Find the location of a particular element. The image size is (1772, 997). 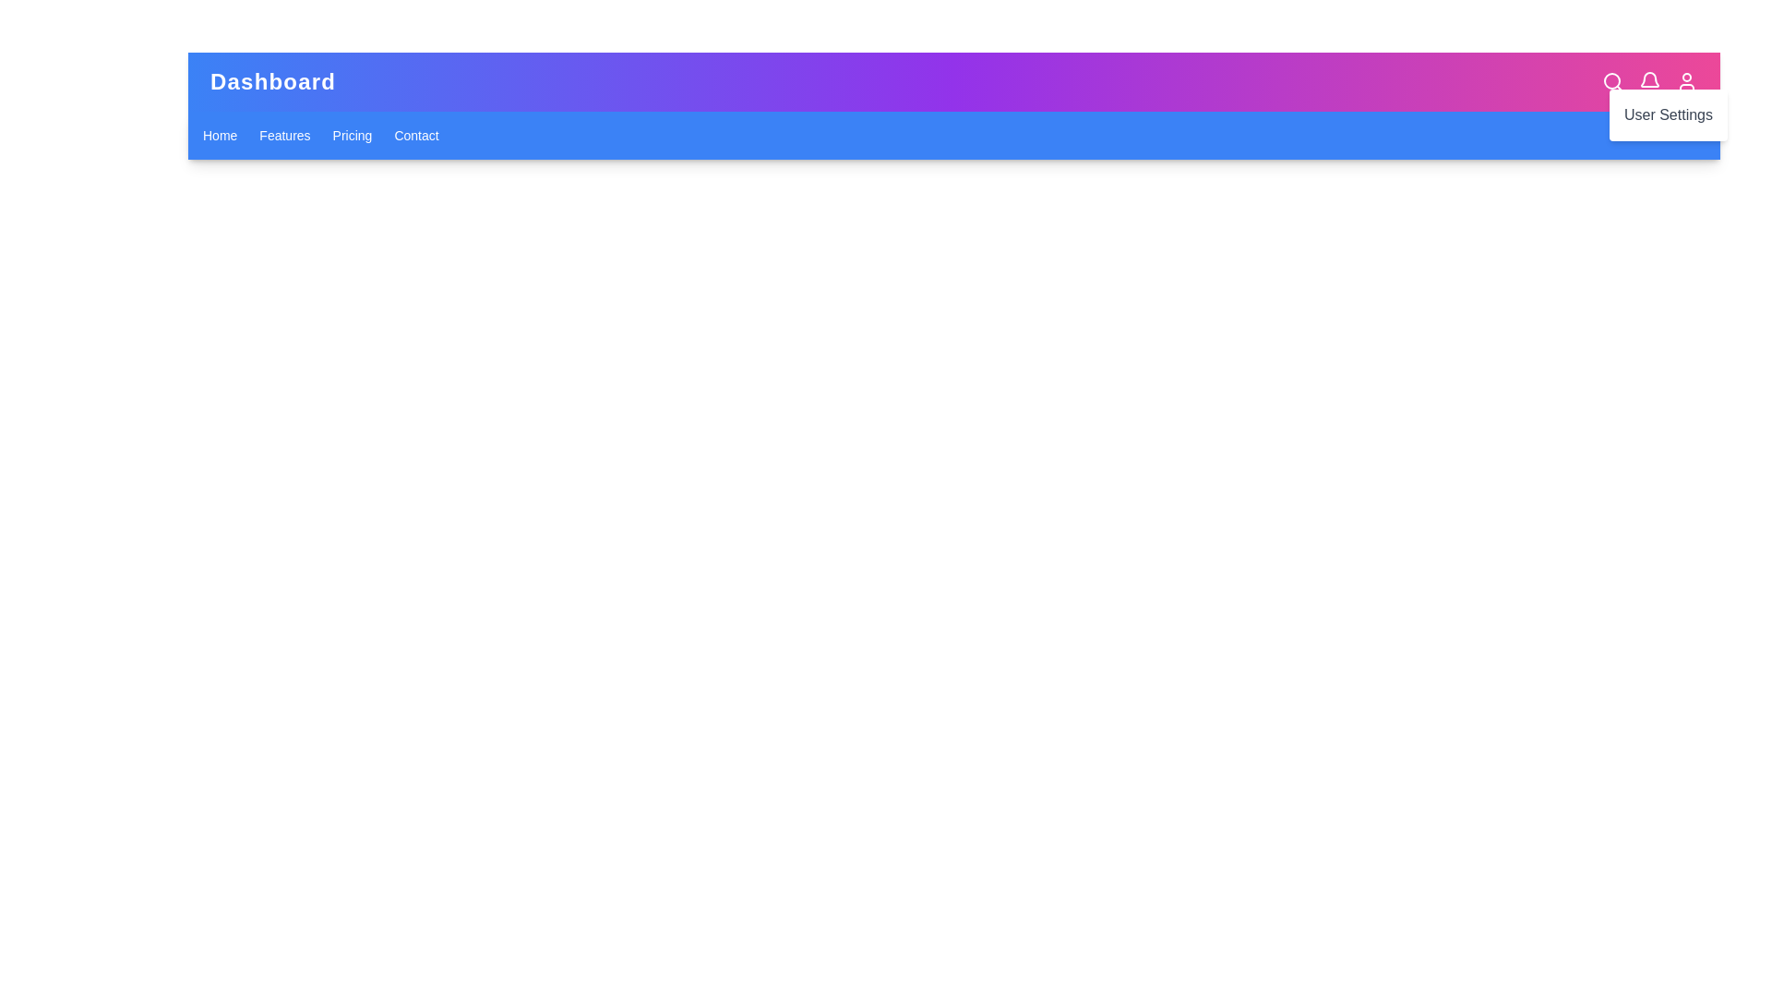

the 'Dashboard' label is located at coordinates (272, 80).